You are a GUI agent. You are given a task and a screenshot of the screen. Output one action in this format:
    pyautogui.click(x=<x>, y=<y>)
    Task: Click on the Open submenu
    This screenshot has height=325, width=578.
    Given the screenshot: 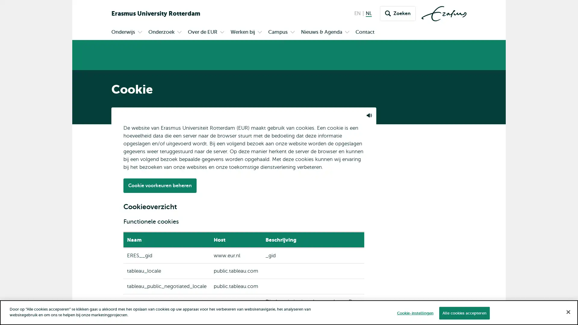 What is the action you would take?
    pyautogui.click(x=292, y=32)
    